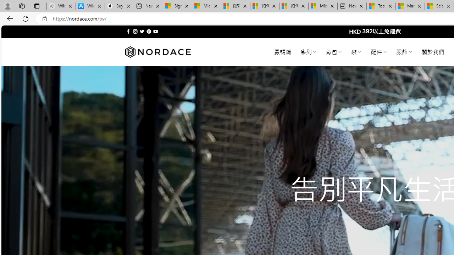 The width and height of the screenshot is (454, 255). What do you see at coordinates (381, 6) in the screenshot?
I see `'Top Stories - MSN'` at bounding box center [381, 6].